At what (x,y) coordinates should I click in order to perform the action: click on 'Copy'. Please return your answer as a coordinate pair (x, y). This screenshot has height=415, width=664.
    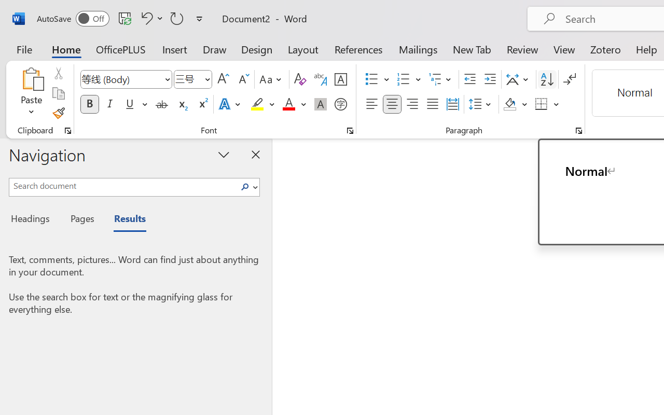
    Looking at the image, I should click on (58, 93).